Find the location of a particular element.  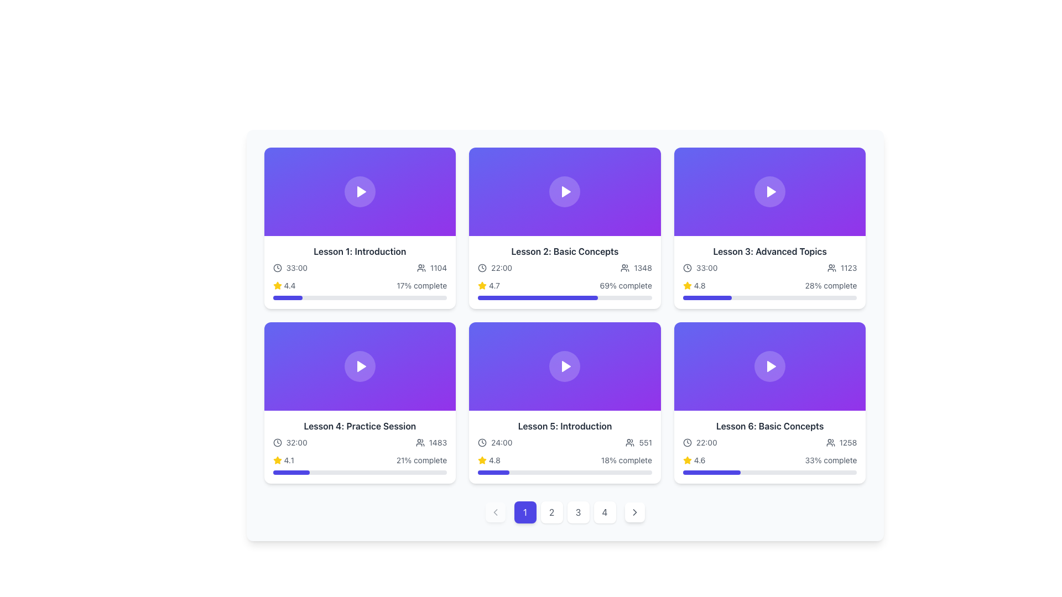

the time duration and participant count display element located in 'Lesson 5: Introduction' card, positioned in the second row, second column of the grid layout is located at coordinates (565, 442).